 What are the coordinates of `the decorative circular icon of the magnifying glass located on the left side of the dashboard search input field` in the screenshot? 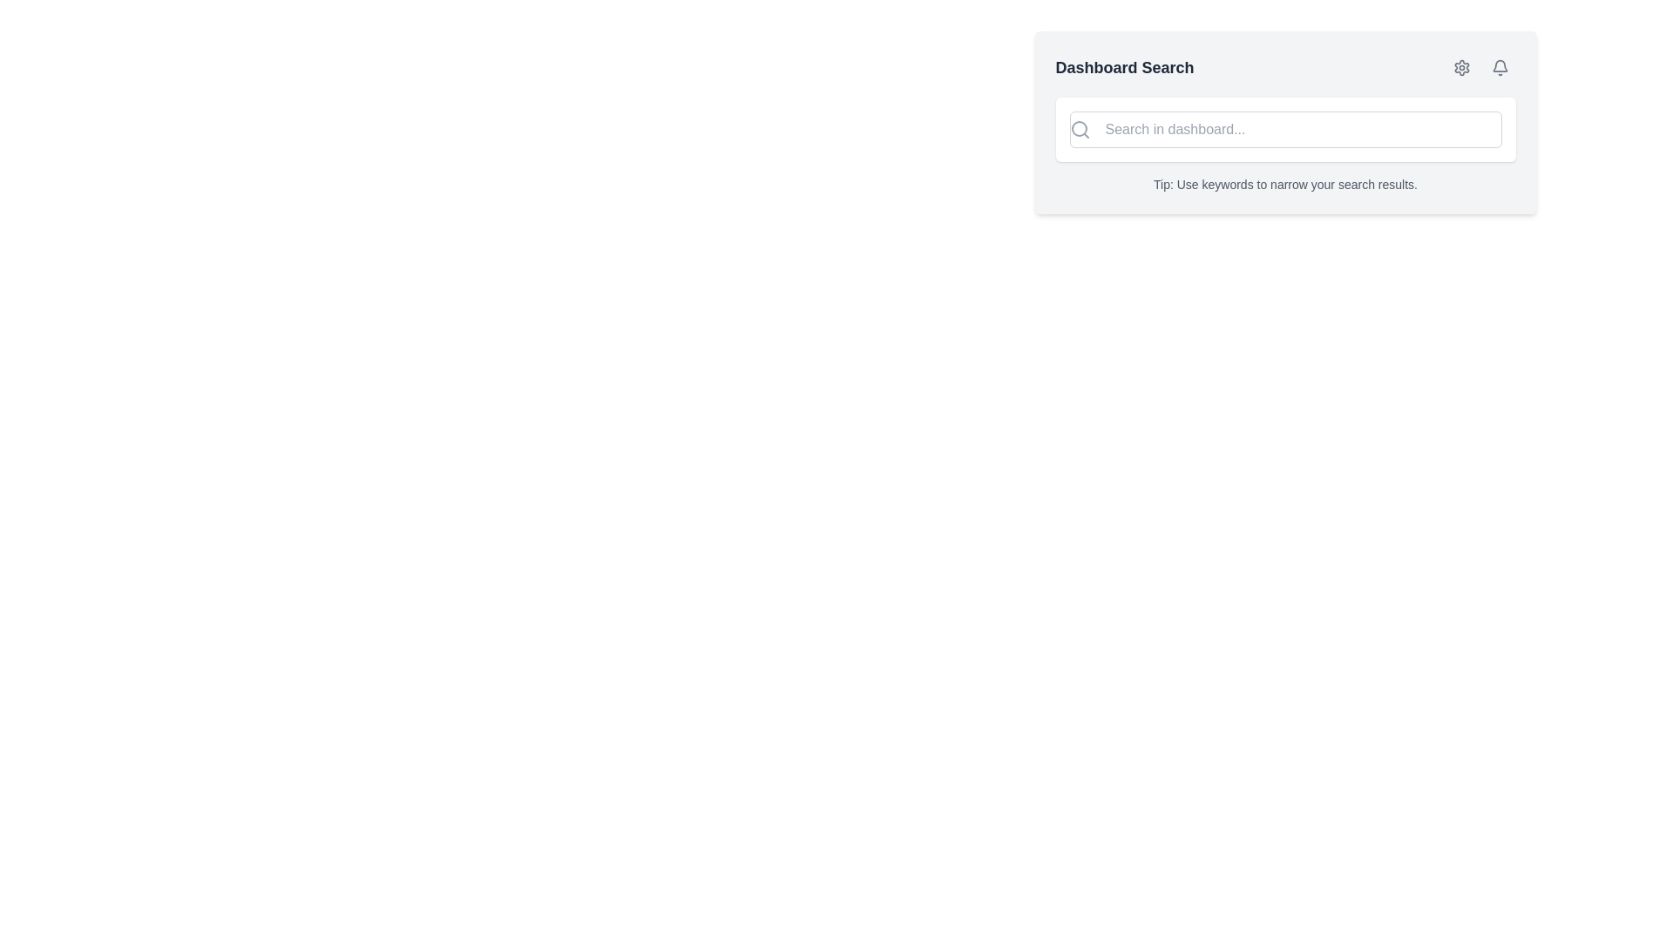 It's located at (1078, 127).